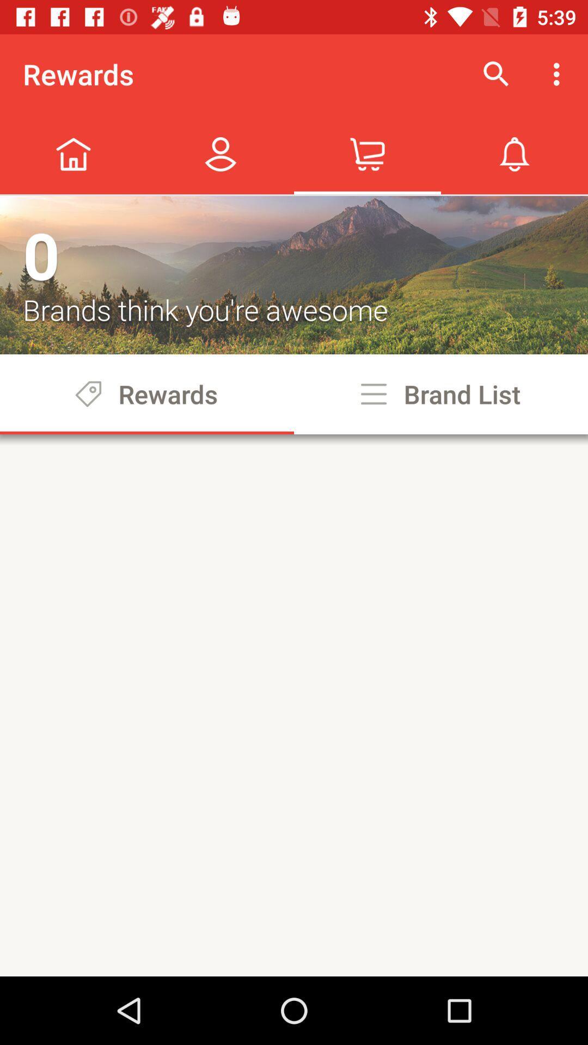 This screenshot has width=588, height=1045. Describe the element at coordinates (496, 73) in the screenshot. I see `icon to the right of rewards icon` at that location.